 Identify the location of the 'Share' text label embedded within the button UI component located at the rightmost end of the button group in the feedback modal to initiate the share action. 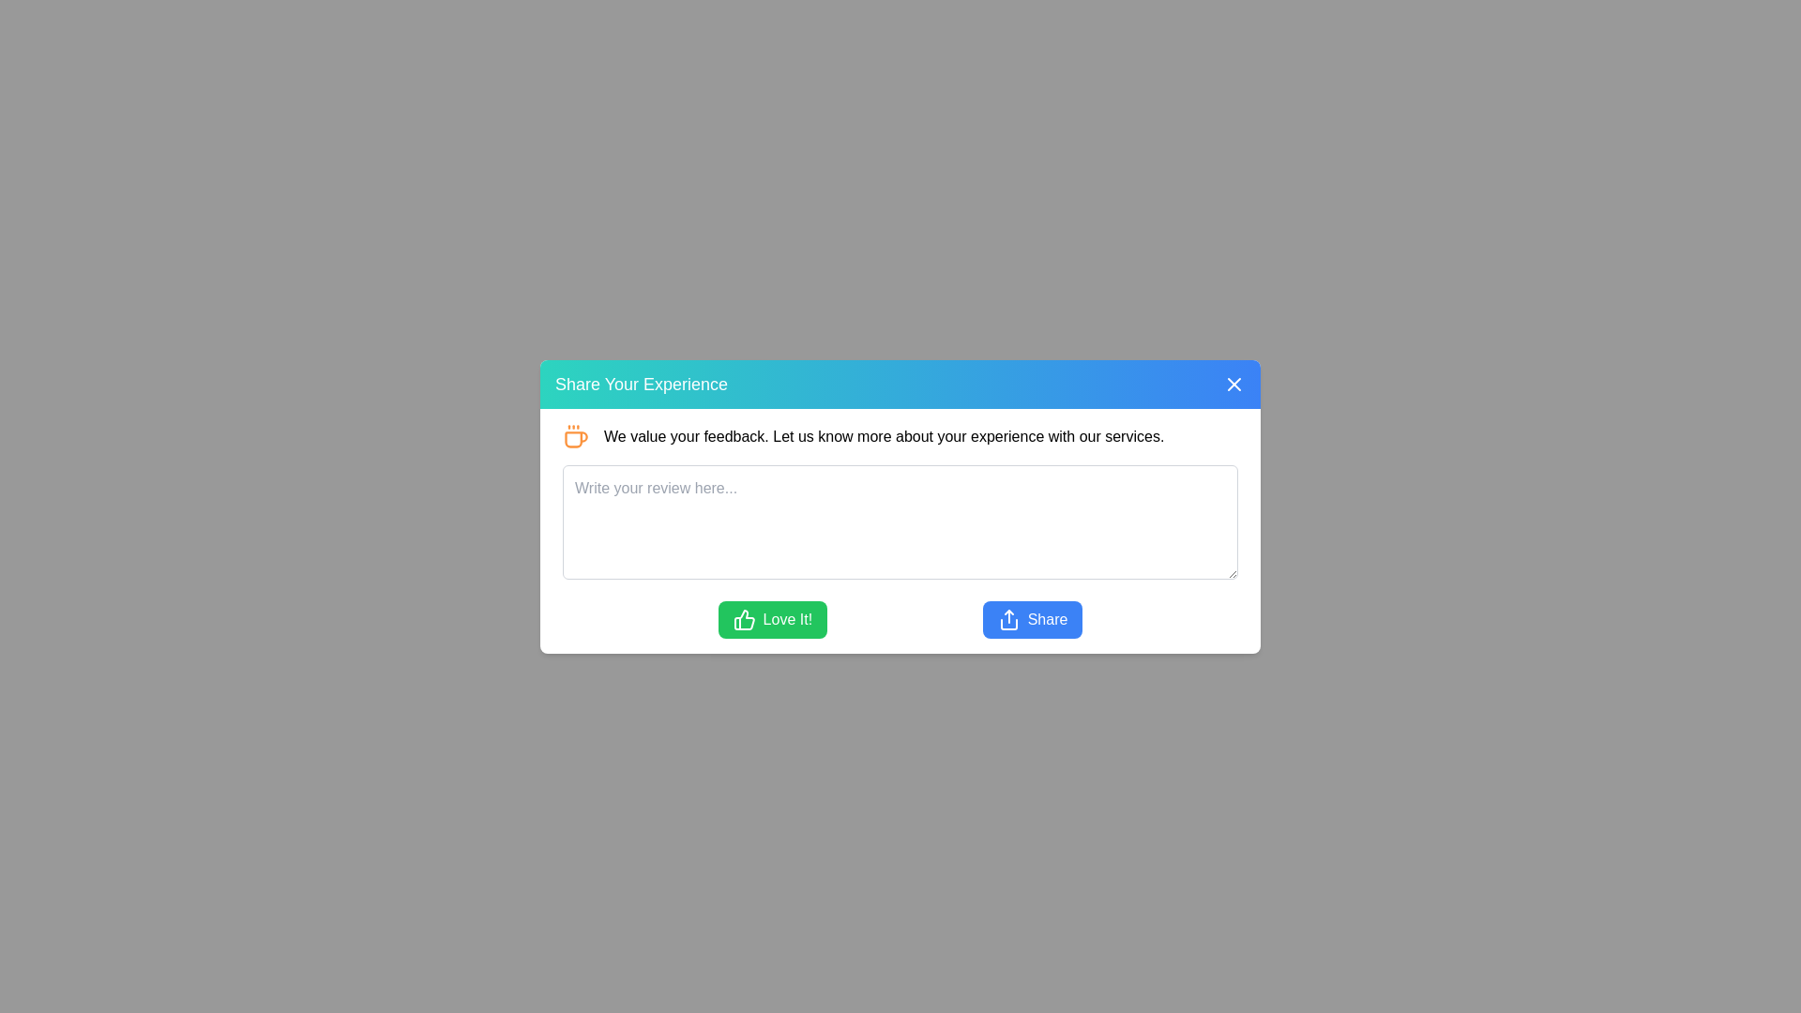
(1047, 619).